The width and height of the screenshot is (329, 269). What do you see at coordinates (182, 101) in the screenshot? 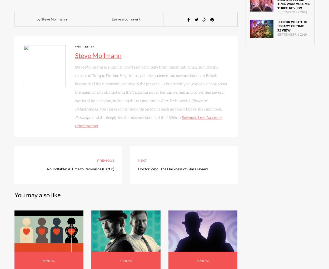
I see `'novel'` at bounding box center [182, 101].